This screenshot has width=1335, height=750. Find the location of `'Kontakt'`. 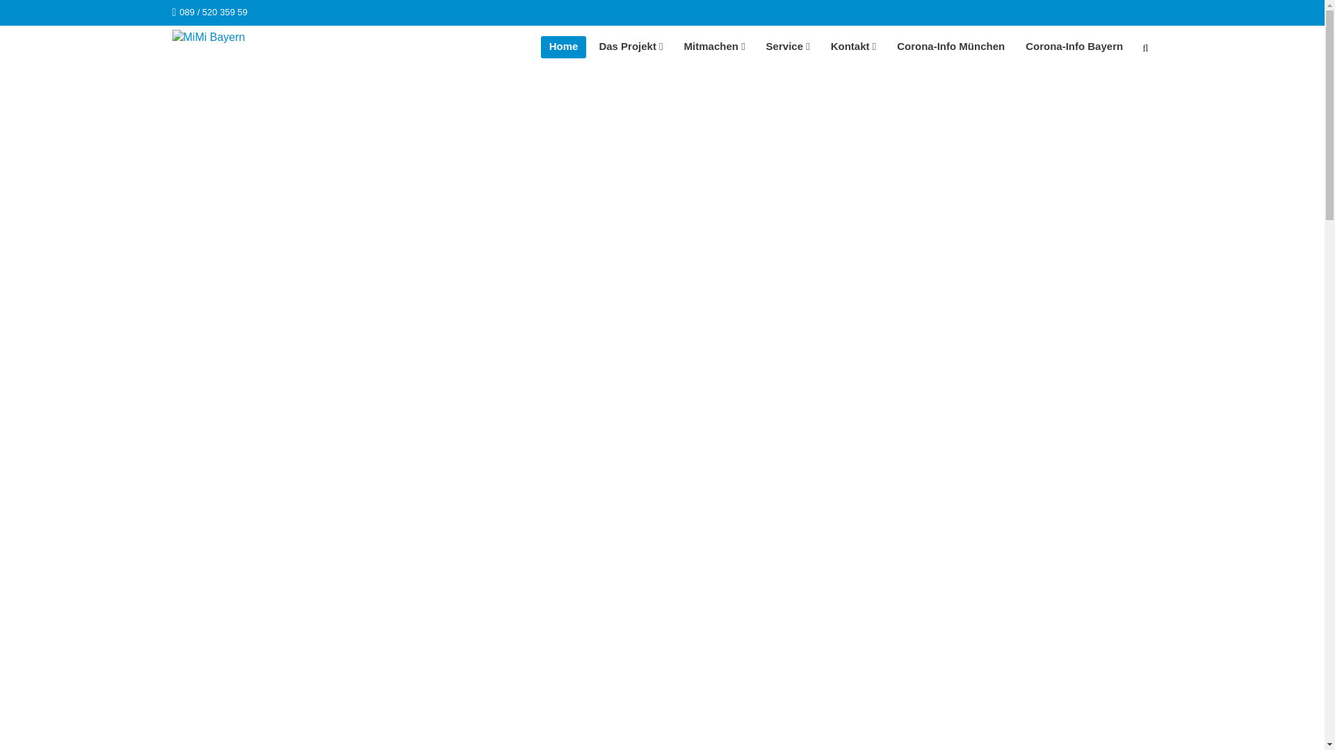

'Kontakt' is located at coordinates (822, 47).